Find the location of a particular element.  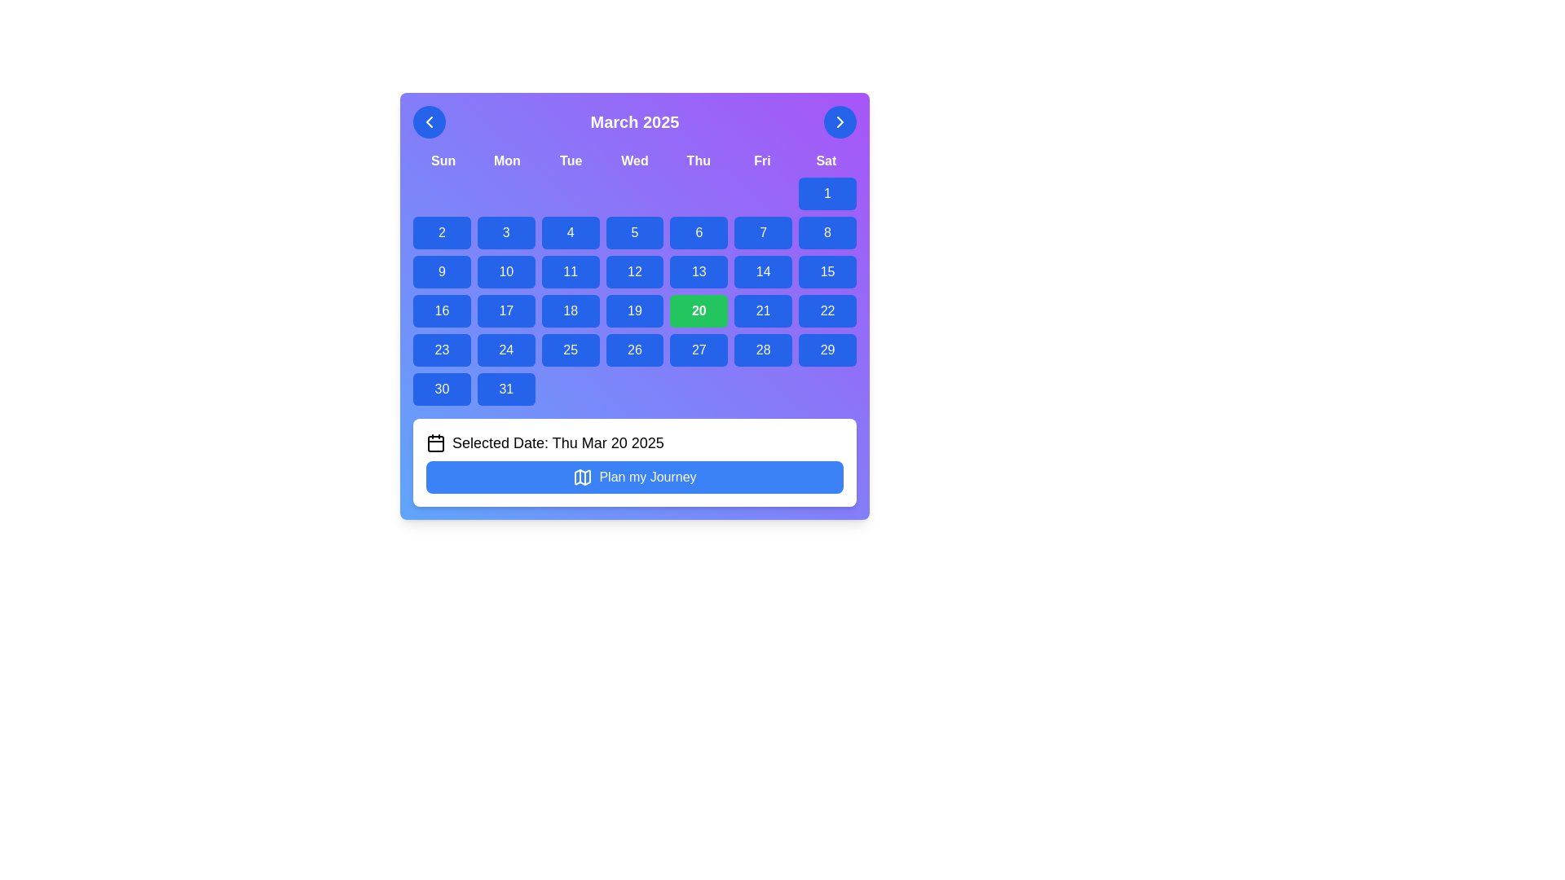

the button representing the 13th day of the month in the calendar interface is located at coordinates (699, 271).